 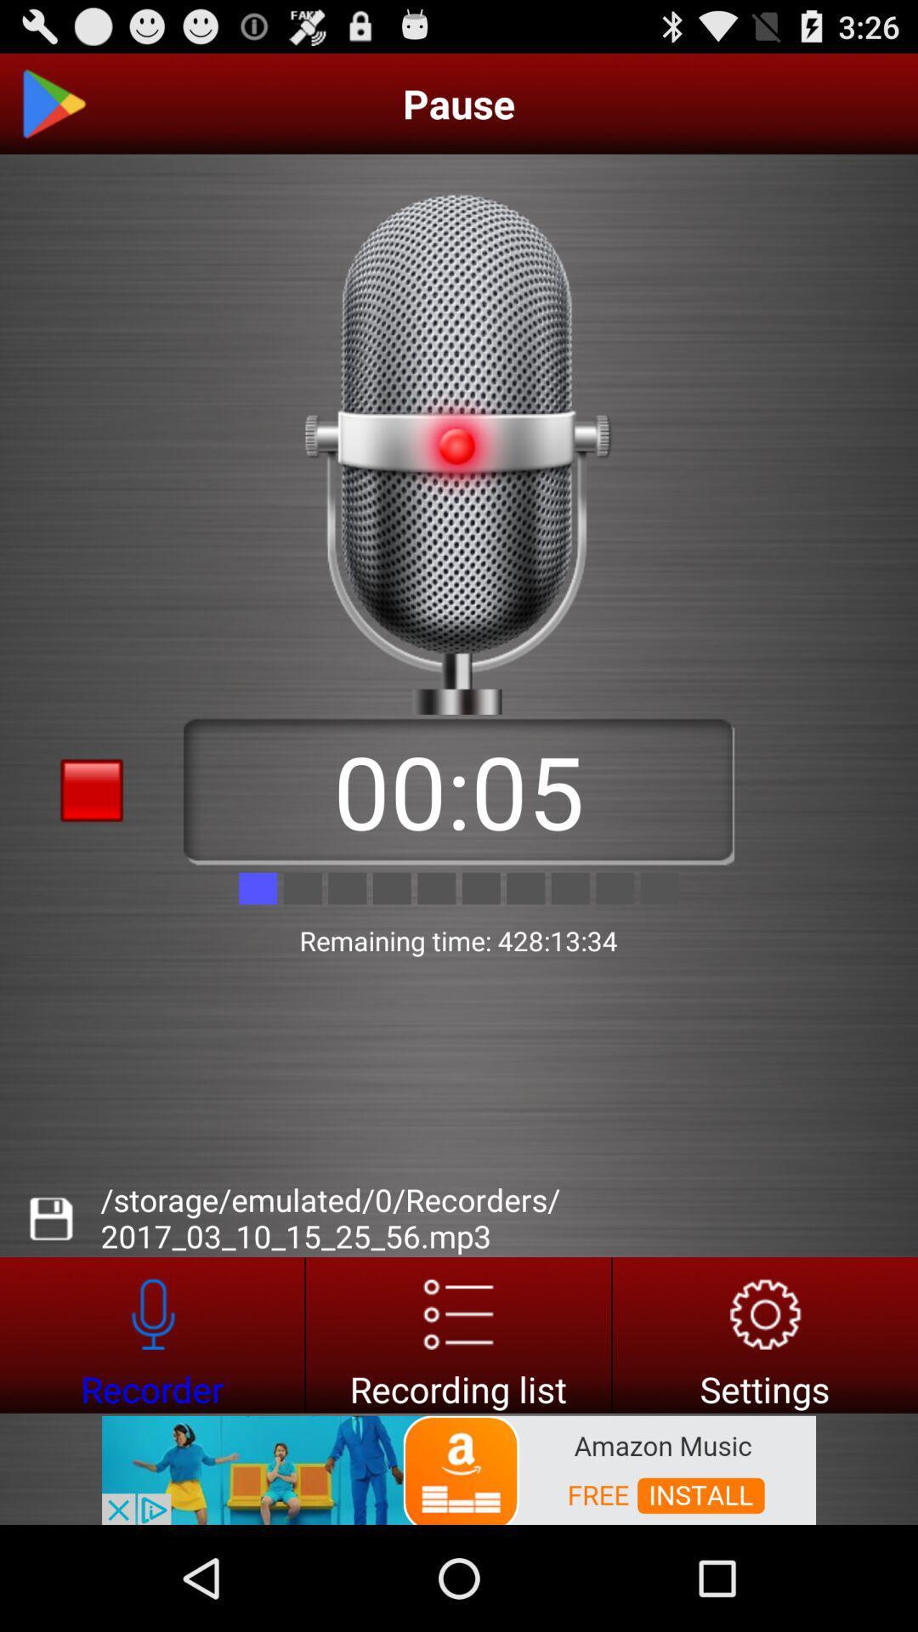 What do you see at coordinates (765, 1334) in the screenshot?
I see `application settings` at bounding box center [765, 1334].